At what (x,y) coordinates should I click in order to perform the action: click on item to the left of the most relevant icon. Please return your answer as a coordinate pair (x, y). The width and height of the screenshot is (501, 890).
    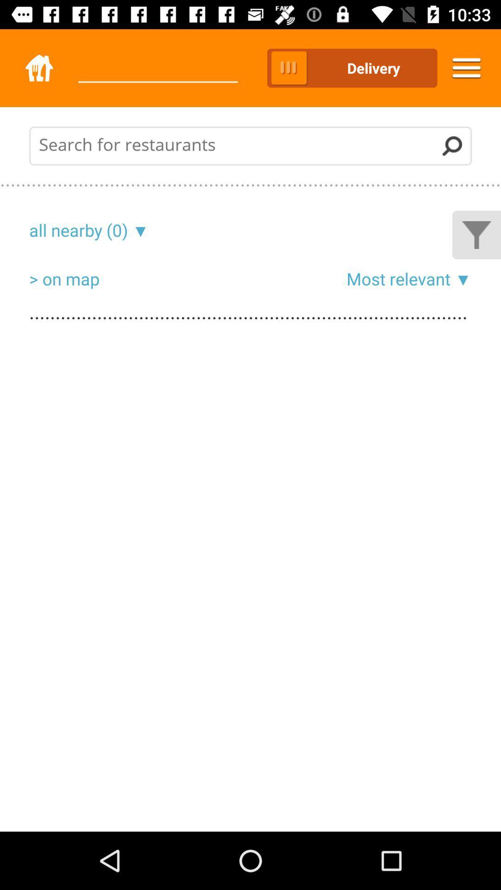
    Looking at the image, I should click on (64, 278).